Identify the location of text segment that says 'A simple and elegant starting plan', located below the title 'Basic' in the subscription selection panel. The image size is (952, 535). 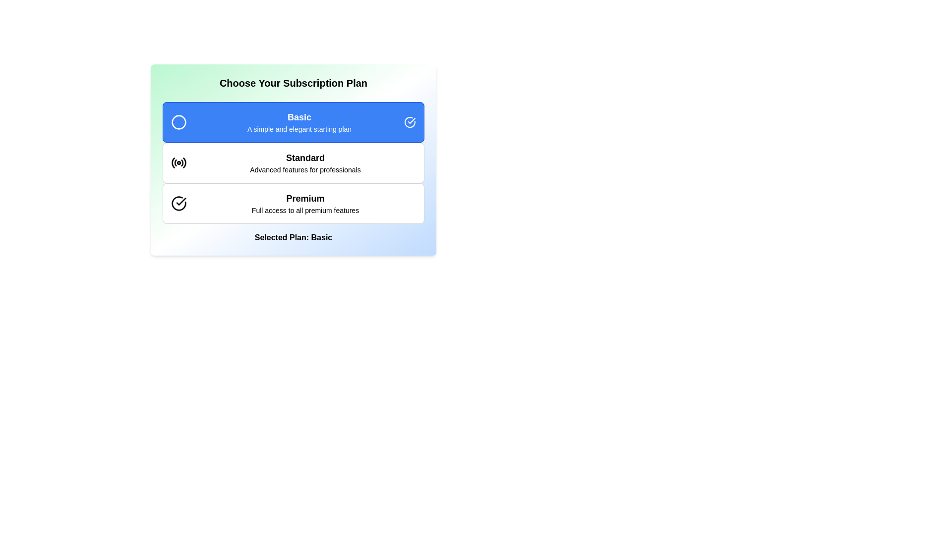
(299, 129).